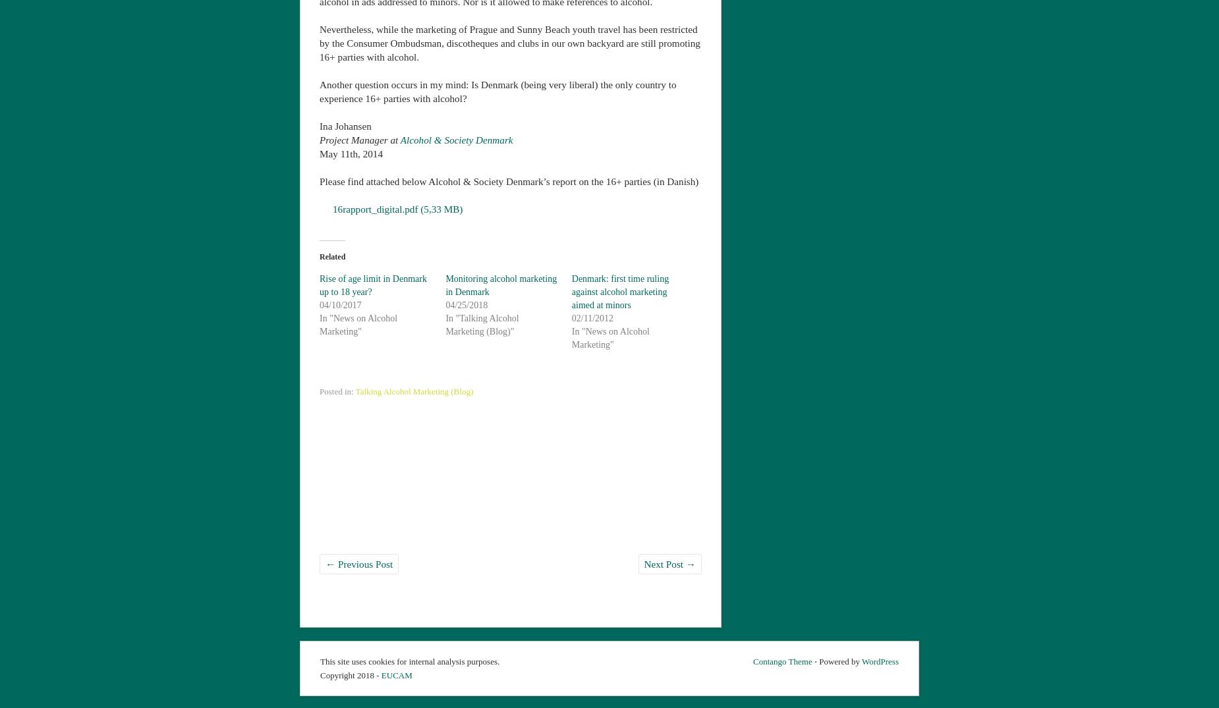  Describe the element at coordinates (836, 659) in the screenshot. I see `'⋅ Powered by'` at that location.